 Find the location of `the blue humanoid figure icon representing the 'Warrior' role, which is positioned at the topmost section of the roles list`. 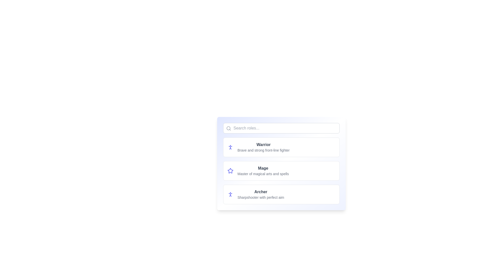

the blue humanoid figure icon representing the 'Warrior' role, which is positioned at the topmost section of the roles list is located at coordinates (230, 147).